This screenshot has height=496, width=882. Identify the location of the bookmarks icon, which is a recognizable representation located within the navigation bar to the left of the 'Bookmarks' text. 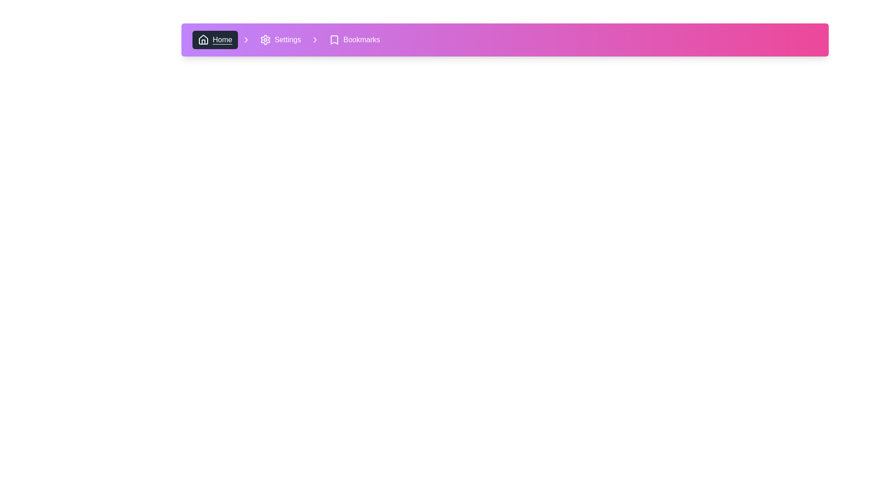
(334, 39).